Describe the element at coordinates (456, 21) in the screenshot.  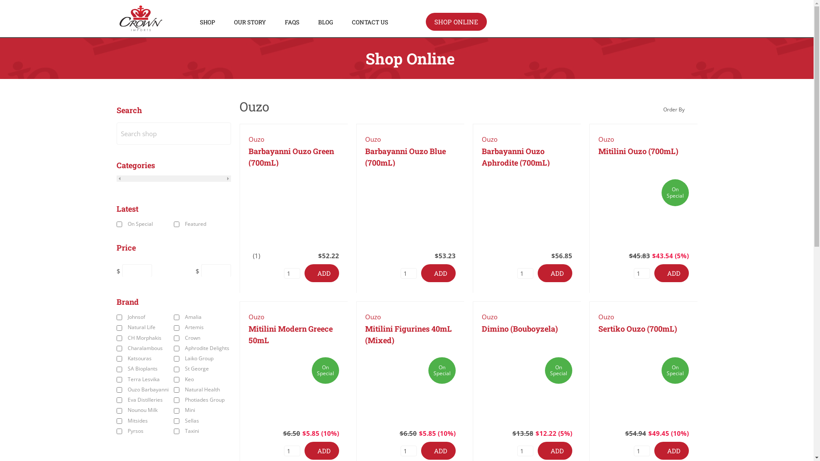
I see `'SHOP ONLINE'` at that location.